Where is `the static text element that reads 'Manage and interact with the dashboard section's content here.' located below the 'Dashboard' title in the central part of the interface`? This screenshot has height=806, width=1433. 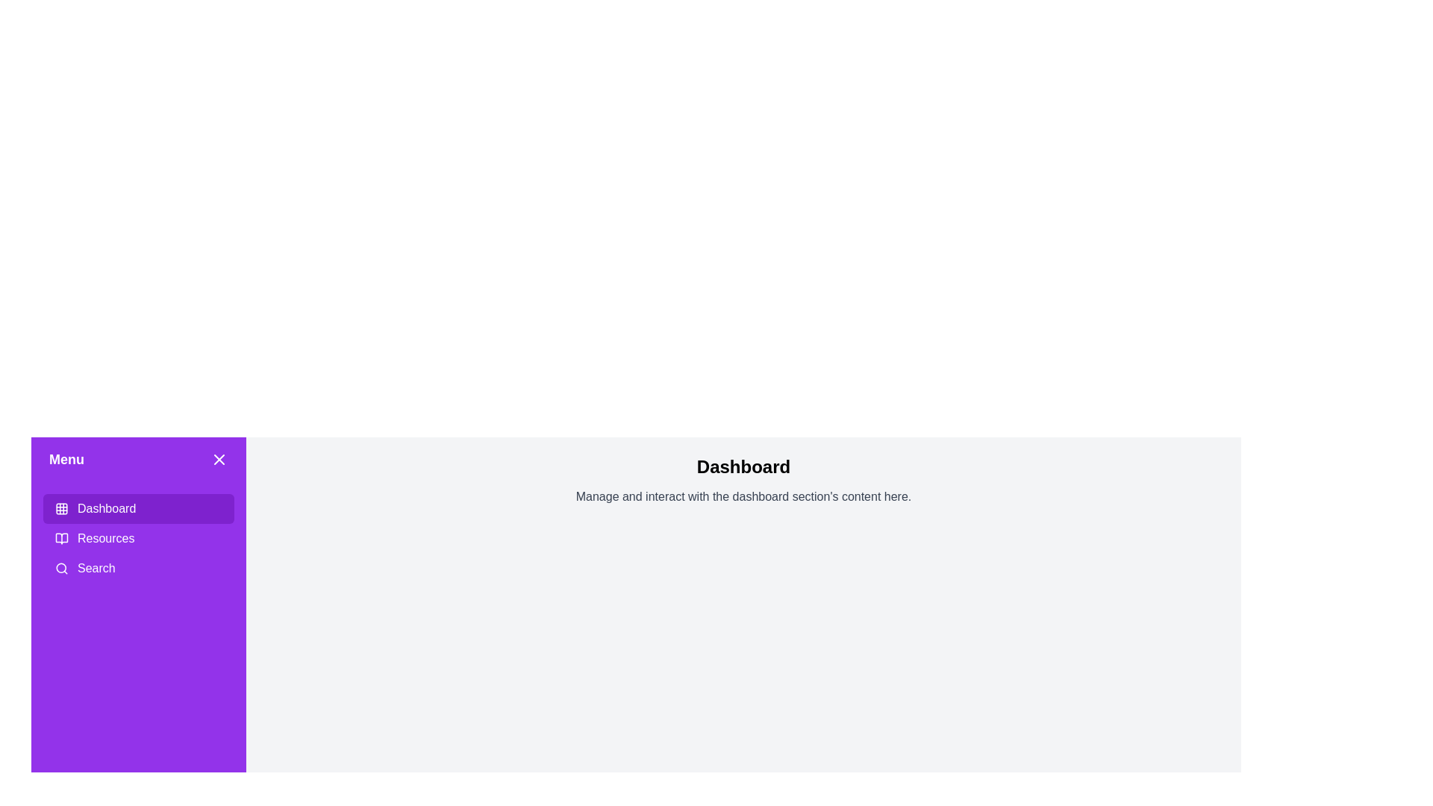 the static text element that reads 'Manage and interact with the dashboard section's content here.' located below the 'Dashboard' title in the central part of the interface is located at coordinates (743, 497).